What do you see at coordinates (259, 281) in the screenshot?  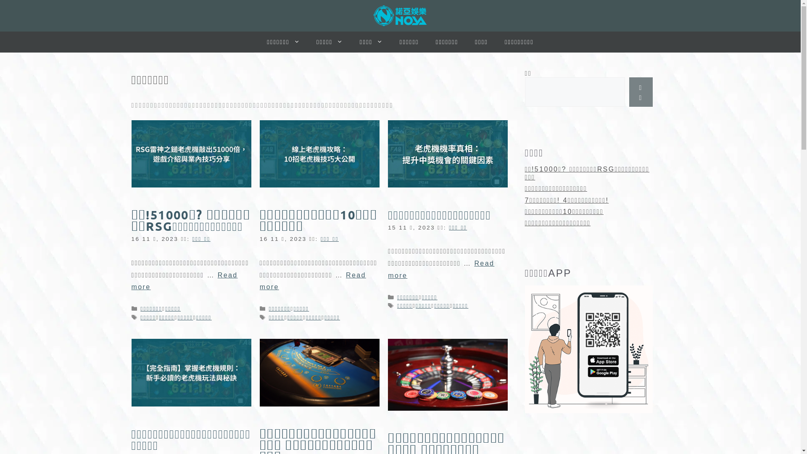 I see `'Read more'` at bounding box center [259, 281].